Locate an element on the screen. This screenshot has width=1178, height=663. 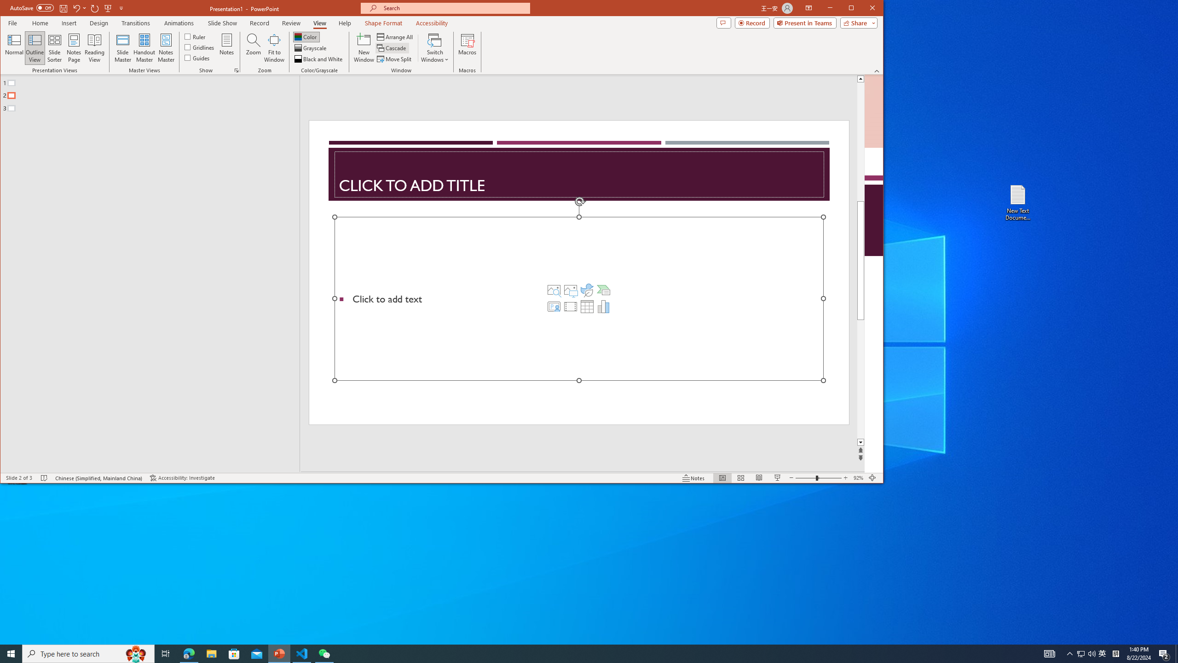
'Move Split' is located at coordinates (394, 58).